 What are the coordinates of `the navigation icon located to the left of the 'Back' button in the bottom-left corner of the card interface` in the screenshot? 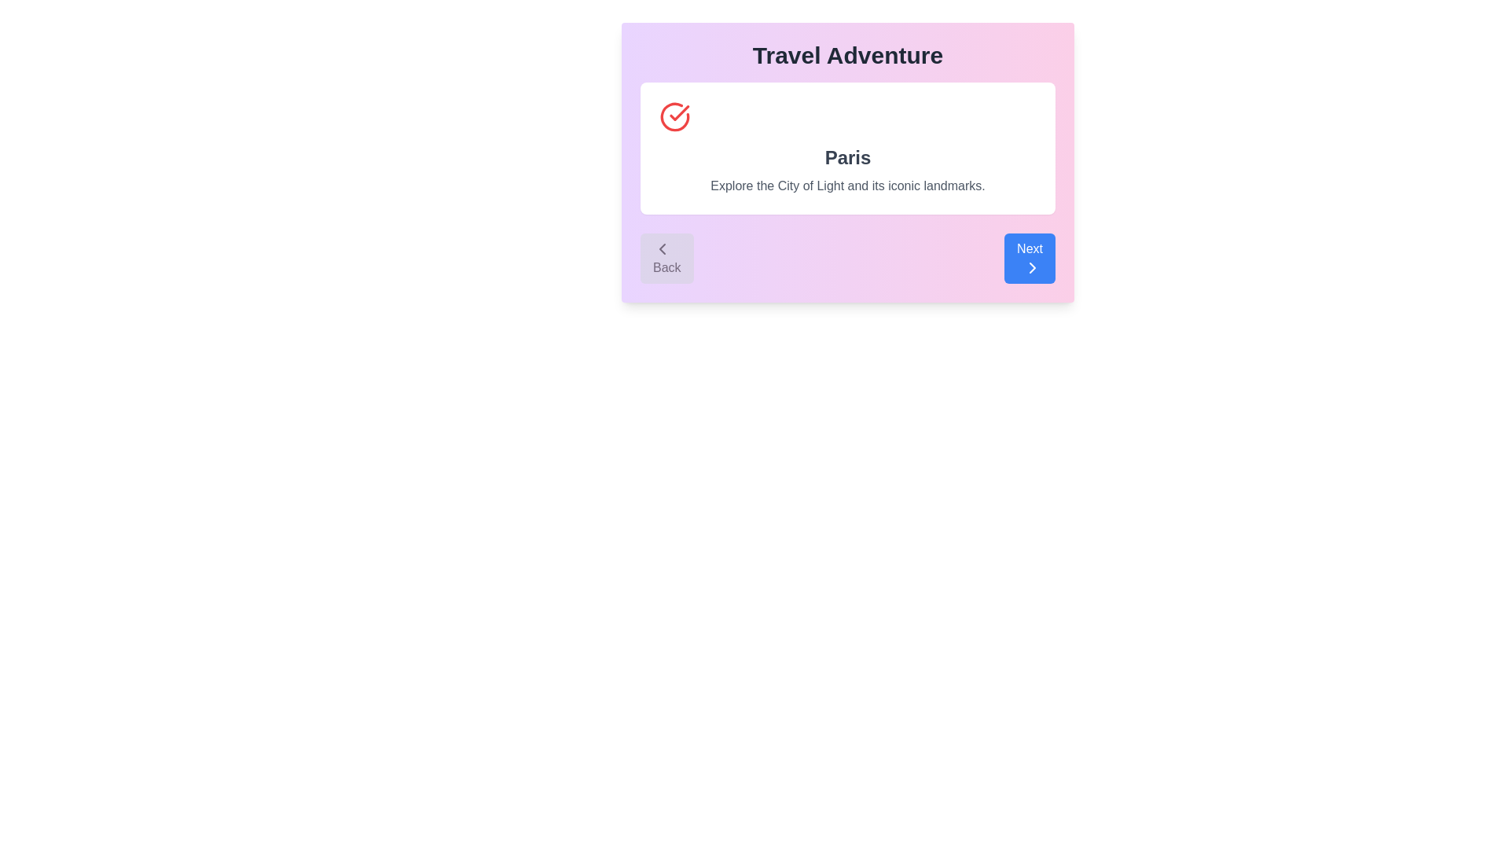 It's located at (663, 248).